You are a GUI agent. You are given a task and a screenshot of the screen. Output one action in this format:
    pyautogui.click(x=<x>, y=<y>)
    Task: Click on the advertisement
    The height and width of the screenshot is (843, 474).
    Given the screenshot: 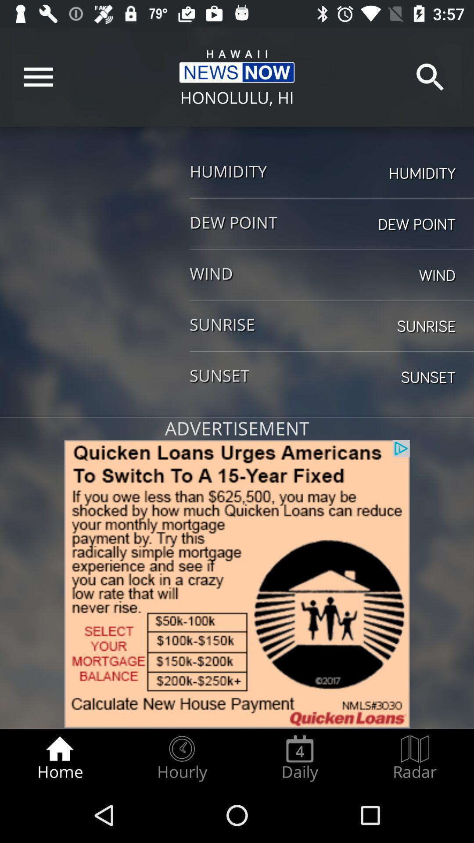 What is the action you would take?
    pyautogui.click(x=237, y=584)
    